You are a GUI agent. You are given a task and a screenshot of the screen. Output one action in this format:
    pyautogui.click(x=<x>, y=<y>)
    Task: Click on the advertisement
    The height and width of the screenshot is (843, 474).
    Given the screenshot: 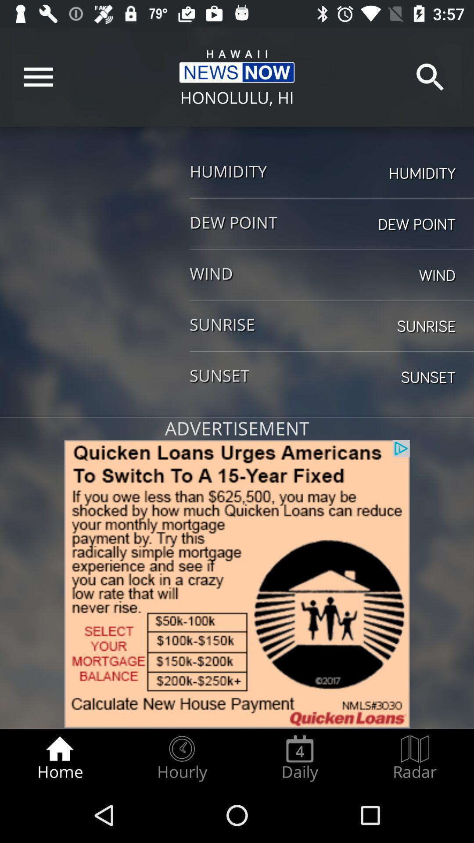 What is the action you would take?
    pyautogui.click(x=237, y=584)
    